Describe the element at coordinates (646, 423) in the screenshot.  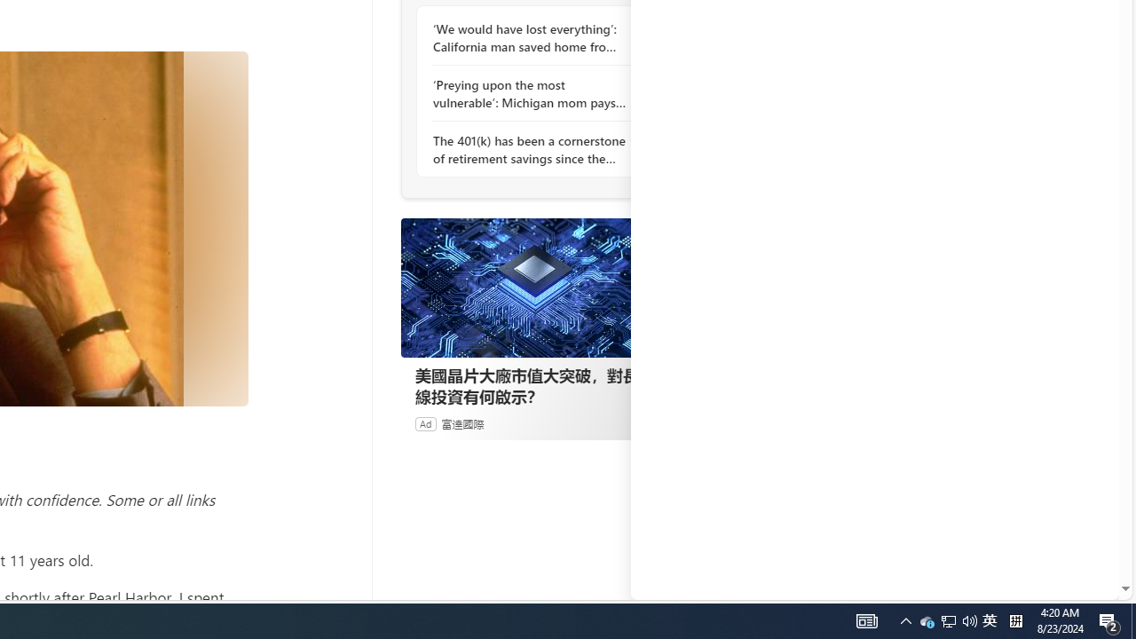
I see `'Ad Choice'` at that location.